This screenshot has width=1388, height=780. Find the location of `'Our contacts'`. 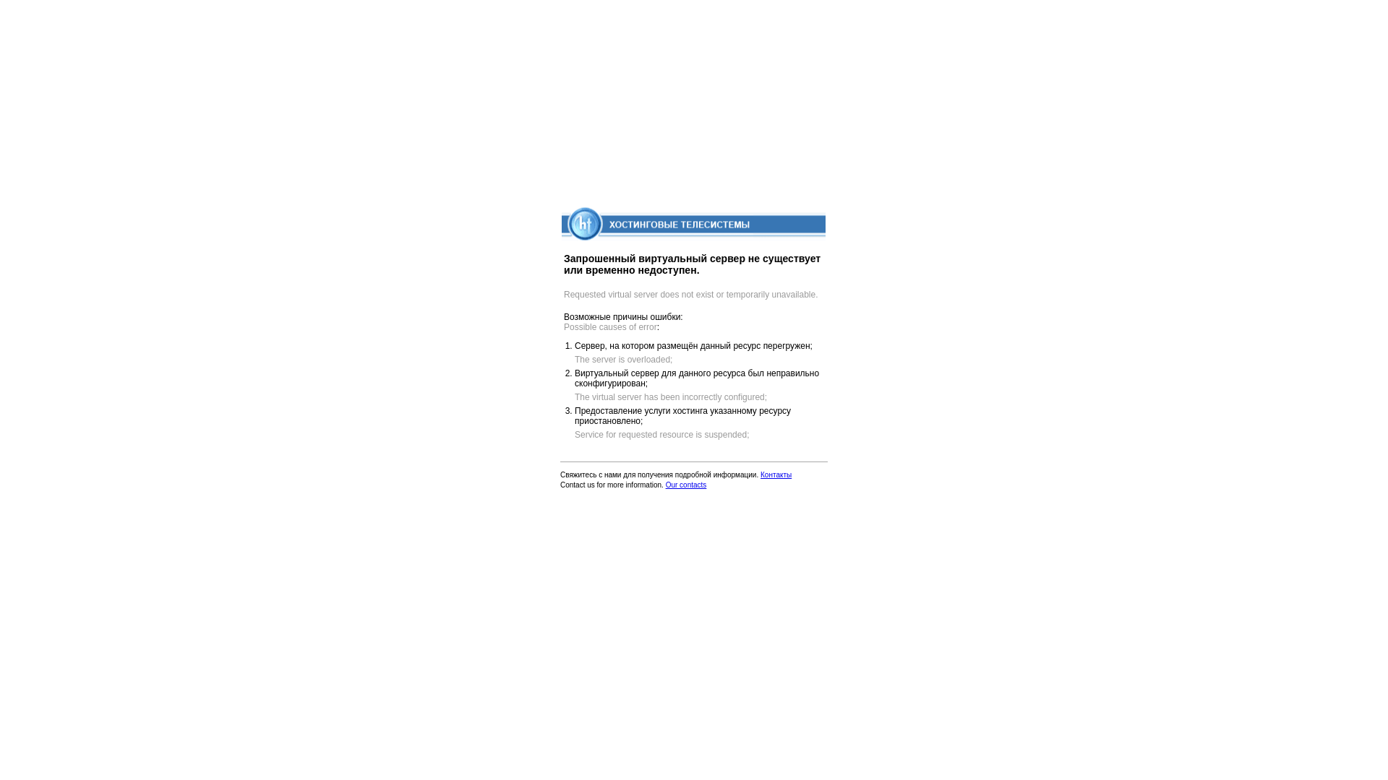

'Our contacts' is located at coordinates (685, 485).